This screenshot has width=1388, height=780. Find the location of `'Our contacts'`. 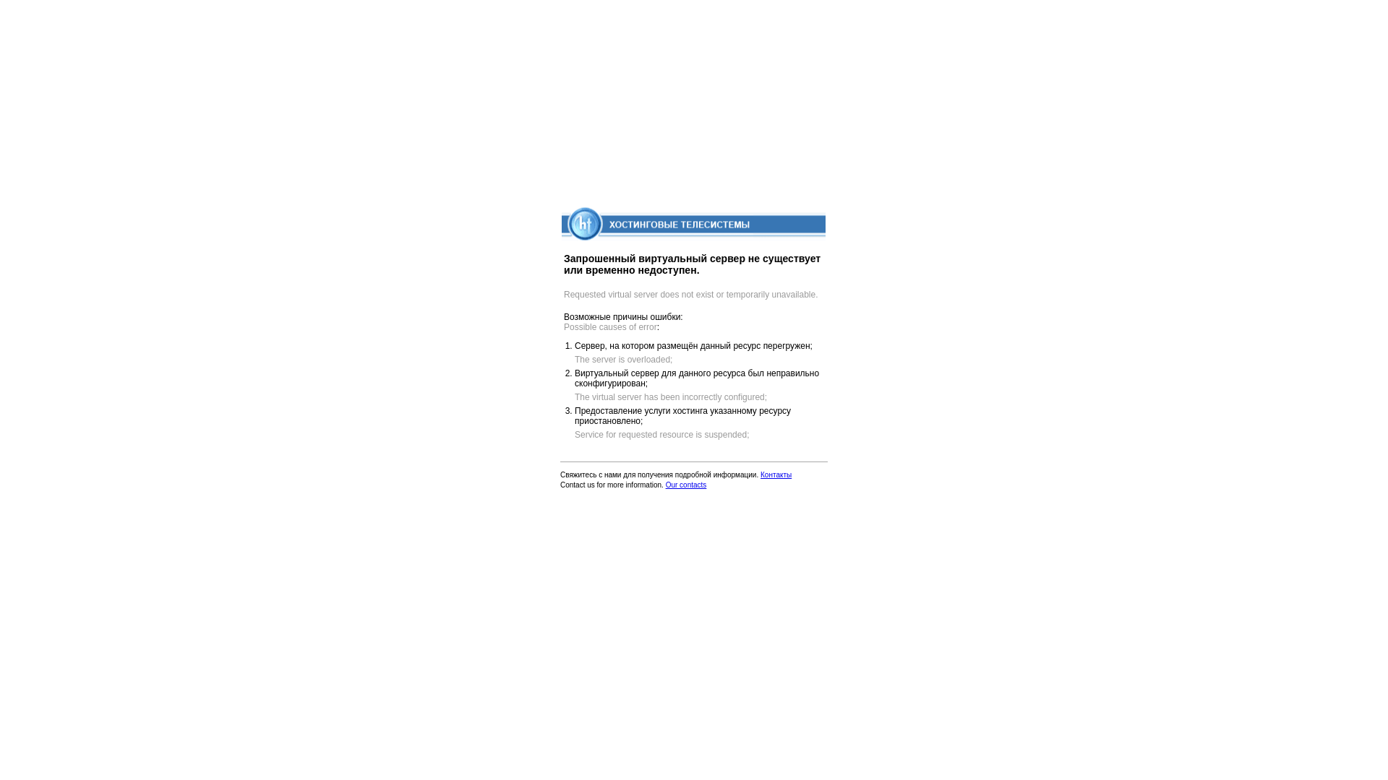

'Our contacts' is located at coordinates (685, 485).